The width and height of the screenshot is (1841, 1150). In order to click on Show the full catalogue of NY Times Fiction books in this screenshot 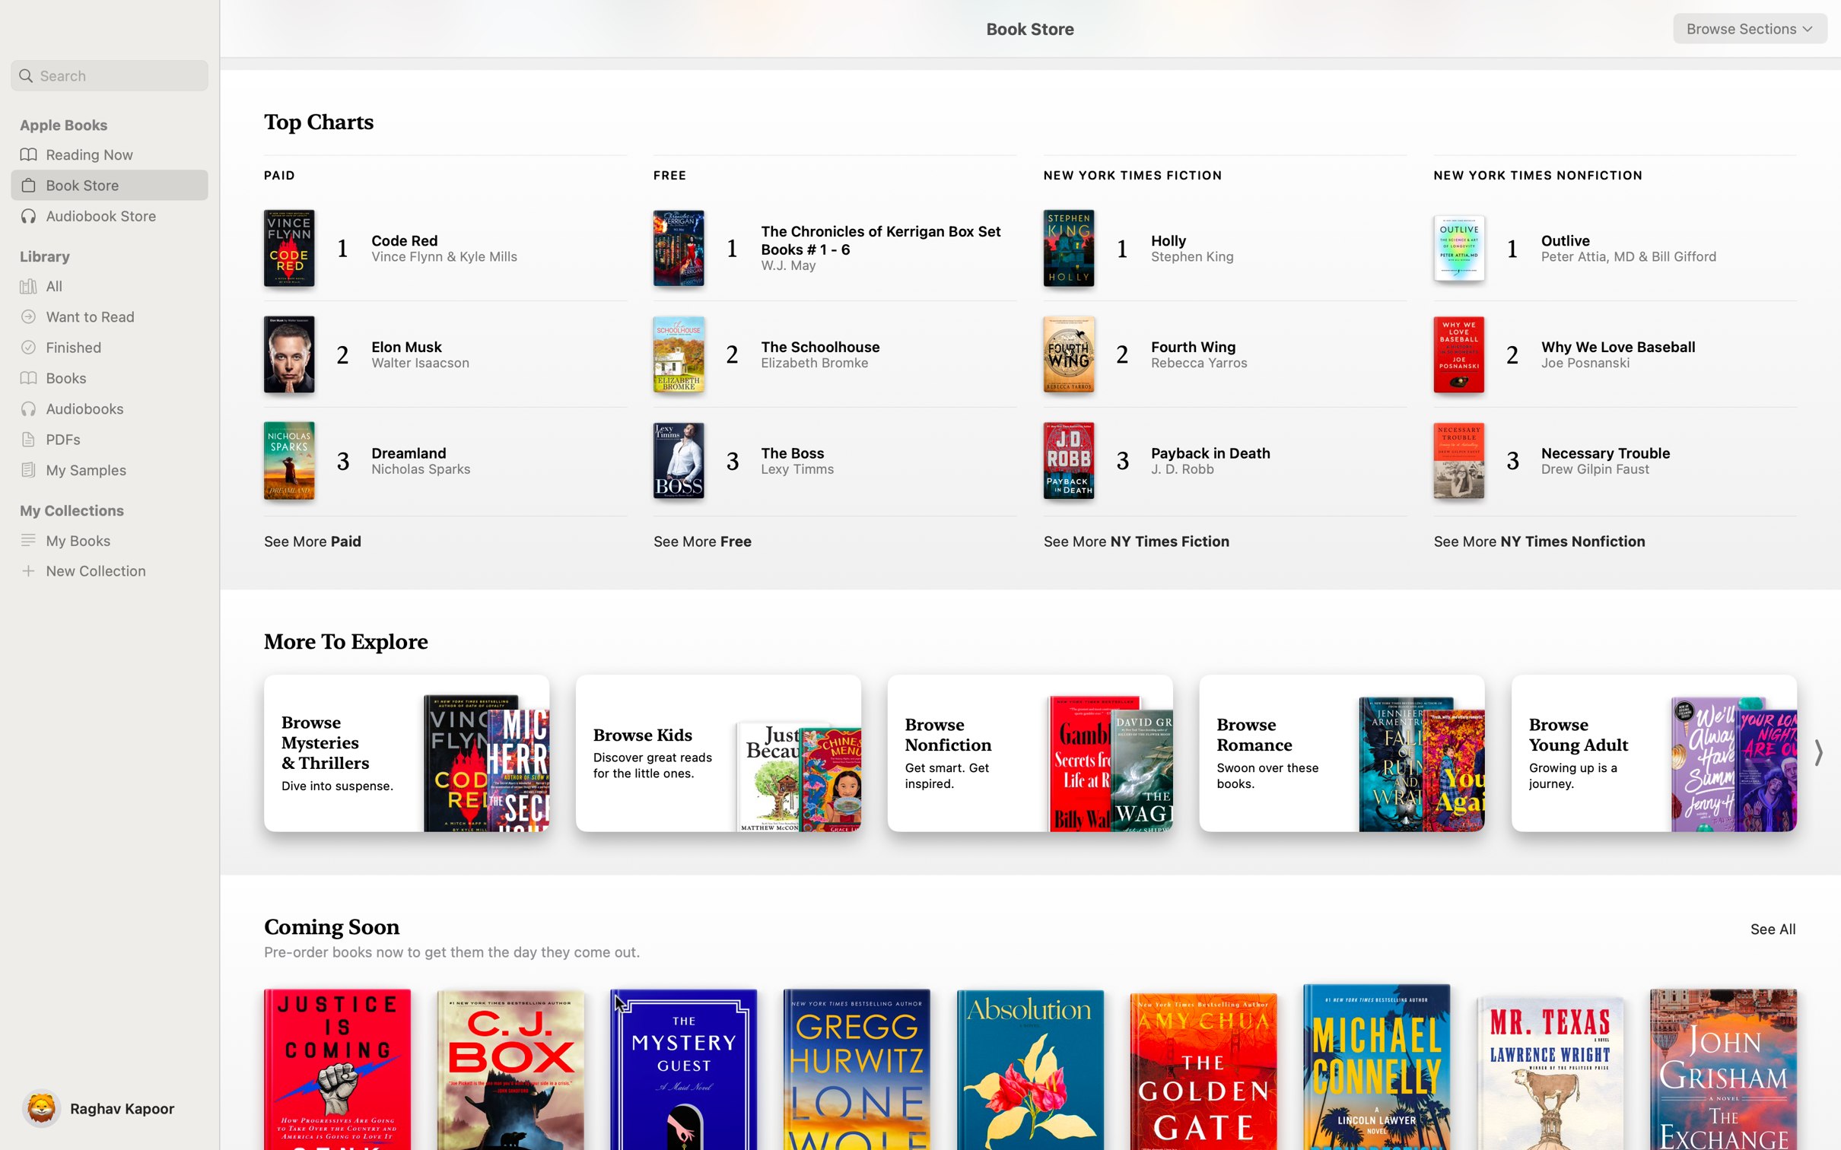, I will do `click(1137, 538)`.